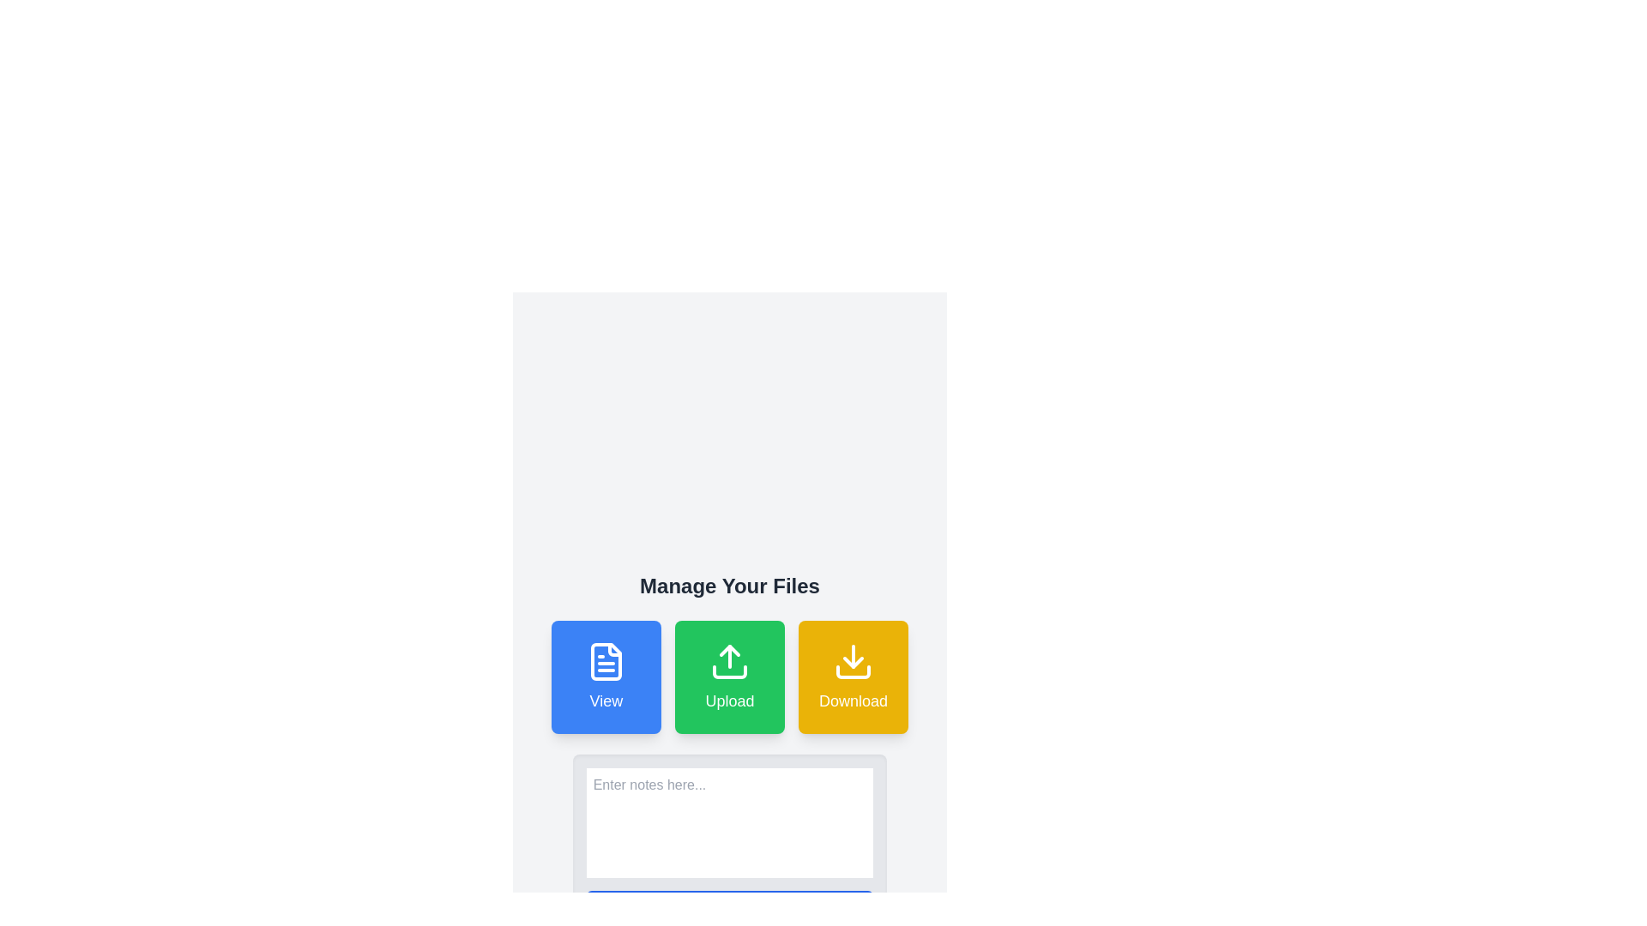  I want to click on the download button located to the far right of the group of three buttons under the 'Manage Your Files' title, and focus on it using the keyboard, so click(854, 676).